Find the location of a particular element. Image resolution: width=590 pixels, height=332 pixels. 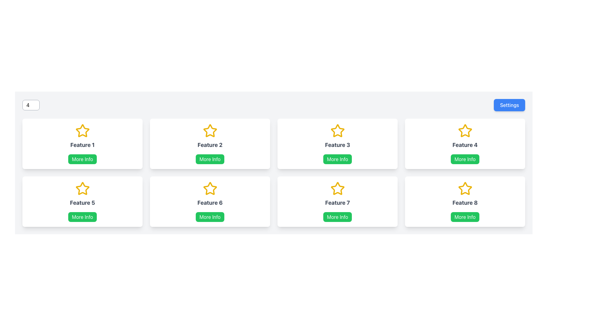

the star-shaped icon with a yellow outline that is located centrally above the 'Feature 4' label within the fourth card of the grid layout is located at coordinates (465, 130).